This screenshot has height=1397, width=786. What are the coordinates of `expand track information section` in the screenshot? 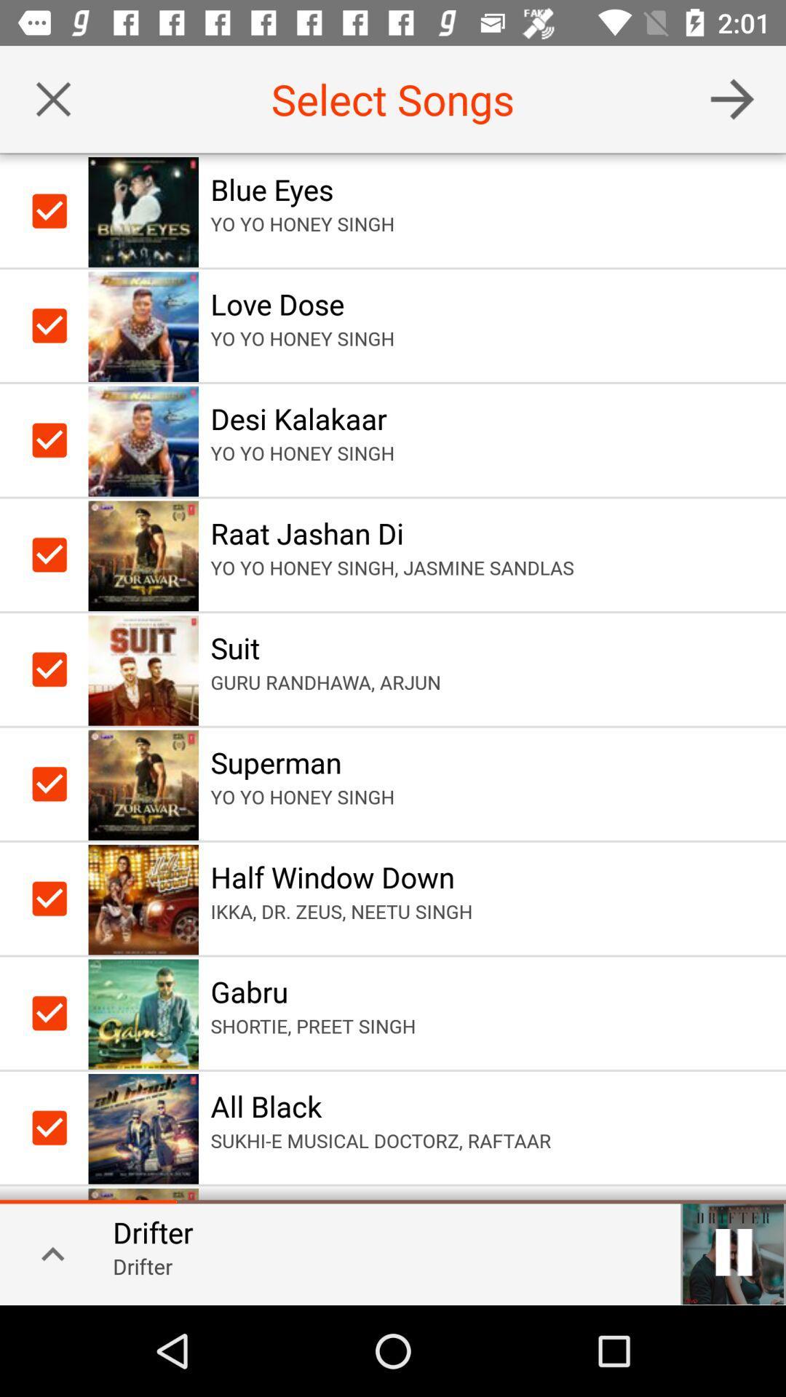 It's located at (47, 1252).